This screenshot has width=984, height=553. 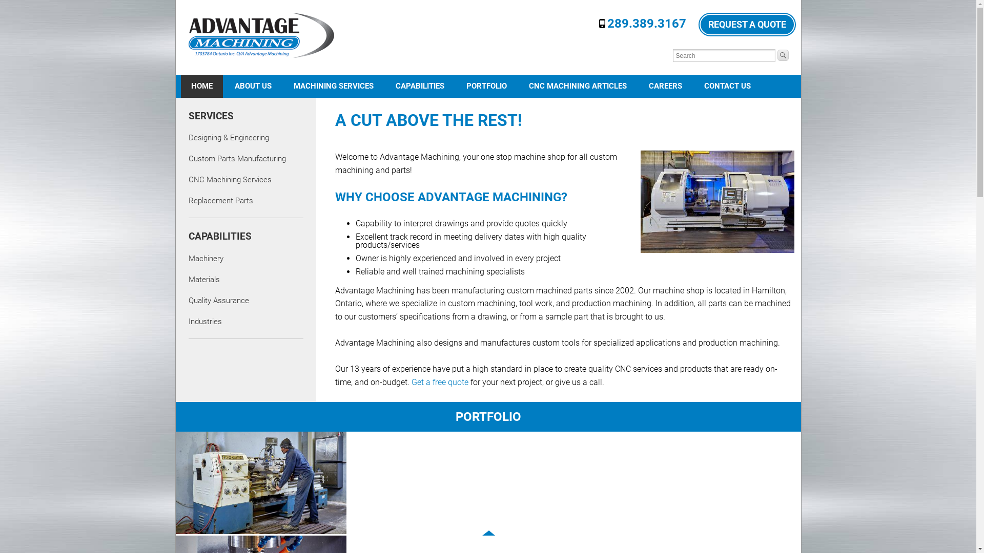 I want to click on 'PORTFOLIO', so click(x=486, y=86).